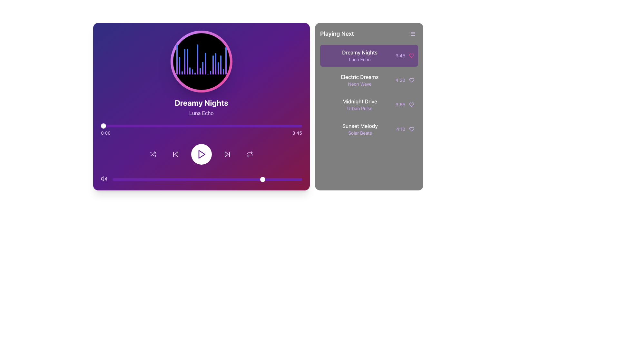  Describe the element at coordinates (400, 55) in the screenshot. I see `the static text indicating the total duration of the highlighted song 'Dreamy Nights' in the 'Playing Next' list` at that location.